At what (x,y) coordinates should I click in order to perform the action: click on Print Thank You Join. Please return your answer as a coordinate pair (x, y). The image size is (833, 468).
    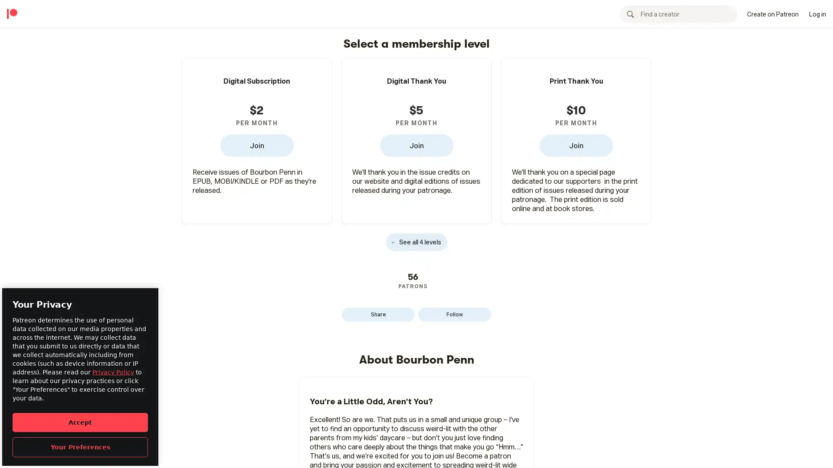
    Looking at the image, I should click on (576, 145).